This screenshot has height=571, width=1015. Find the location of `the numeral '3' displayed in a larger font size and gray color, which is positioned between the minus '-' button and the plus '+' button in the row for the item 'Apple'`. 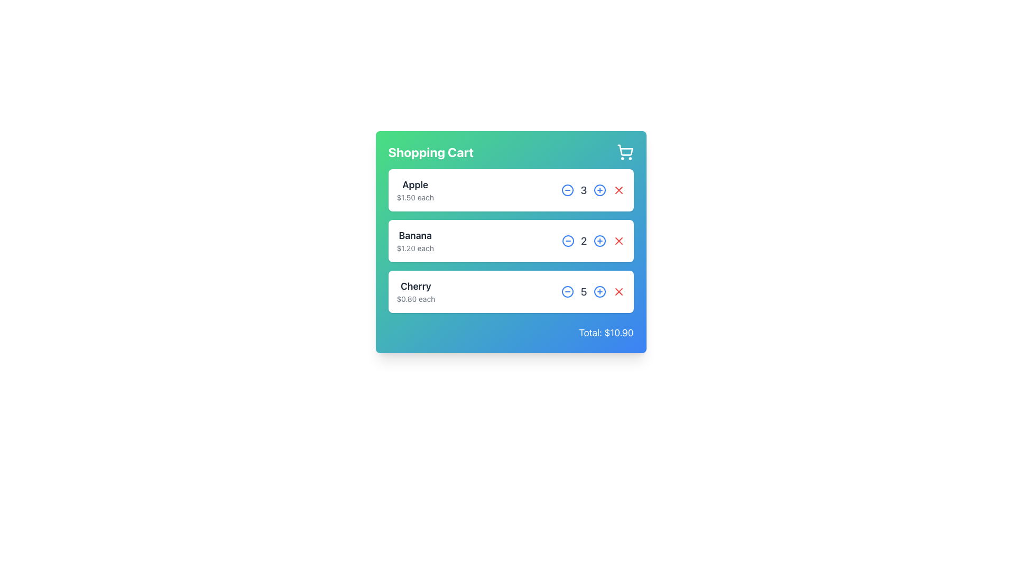

the numeral '3' displayed in a larger font size and gray color, which is positioned between the minus '-' button and the plus '+' button in the row for the item 'Apple' is located at coordinates (583, 189).